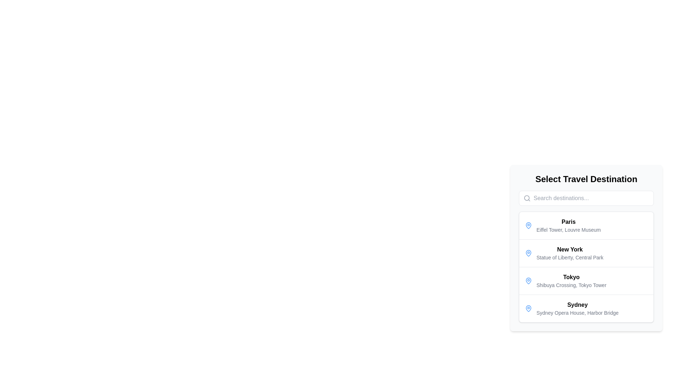 The height and width of the screenshot is (388, 689). Describe the element at coordinates (586, 248) in the screenshot. I see `the highlighted travel destination 'New York' from the dropdown menu` at that location.